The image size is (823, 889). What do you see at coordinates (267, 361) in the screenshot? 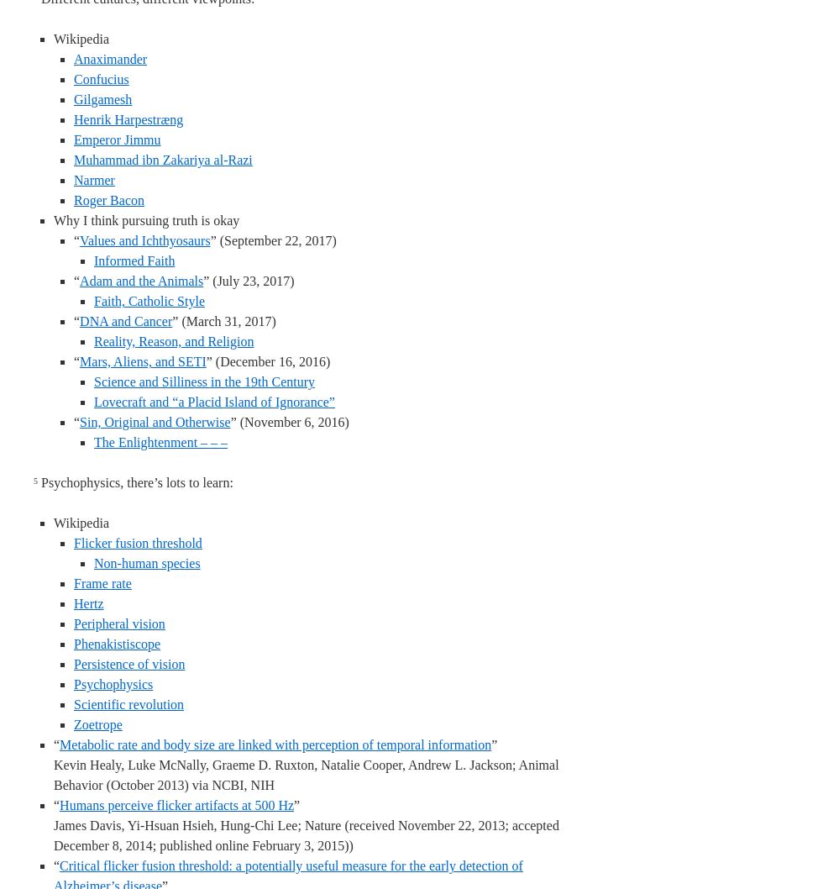
I see `'” (December 16, 2016)'` at bounding box center [267, 361].